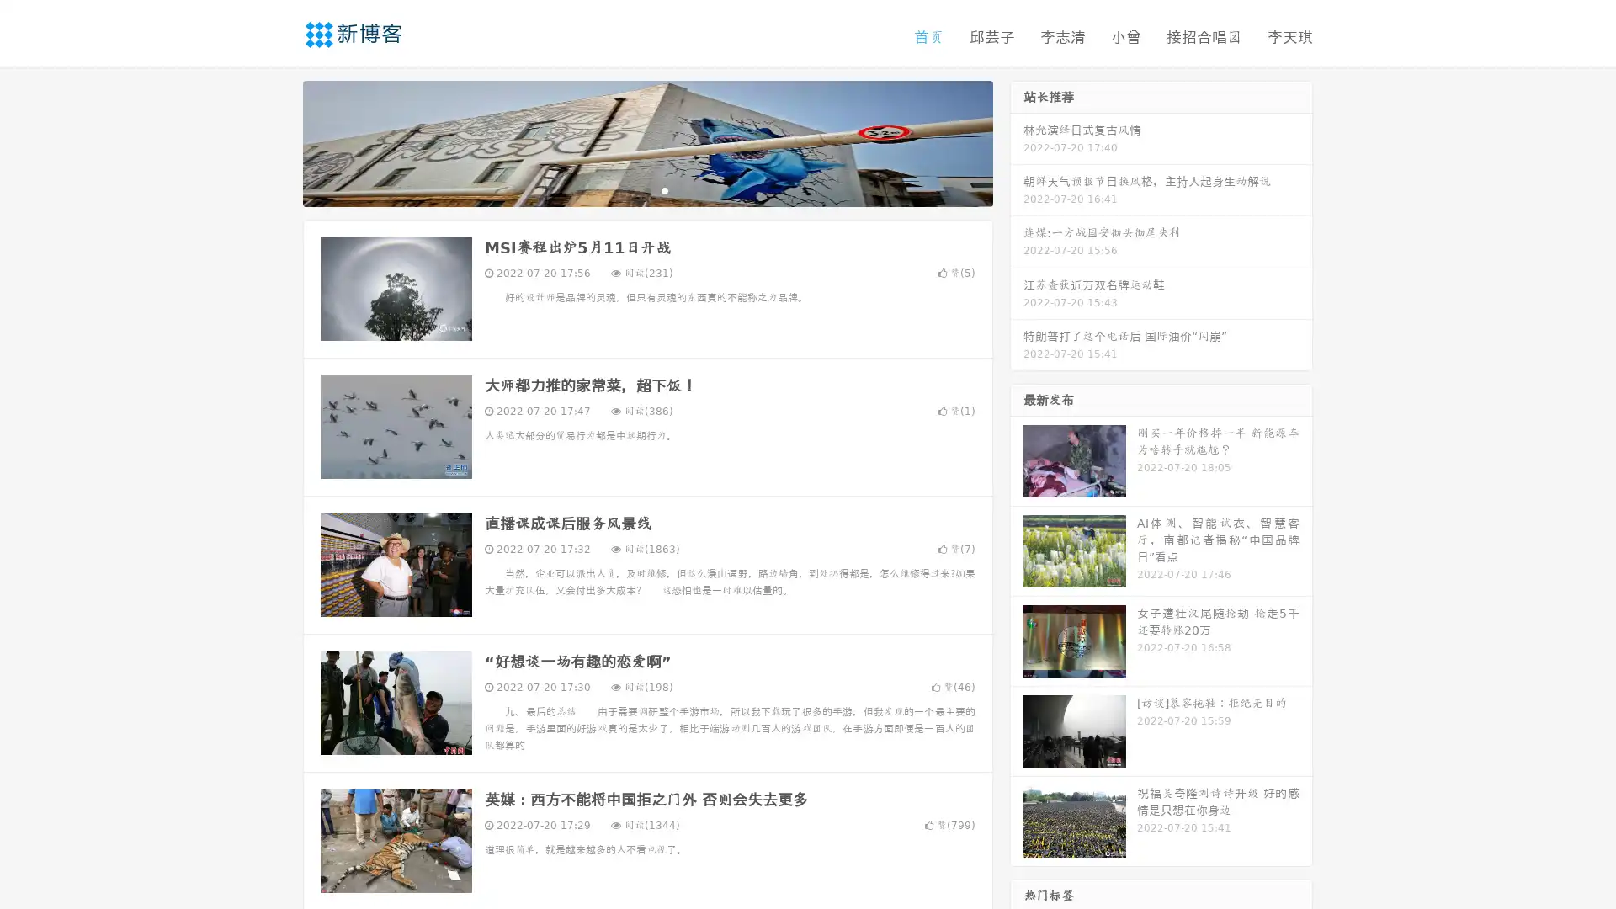 This screenshot has height=909, width=1616. I want to click on Go to slide 1, so click(630, 189).